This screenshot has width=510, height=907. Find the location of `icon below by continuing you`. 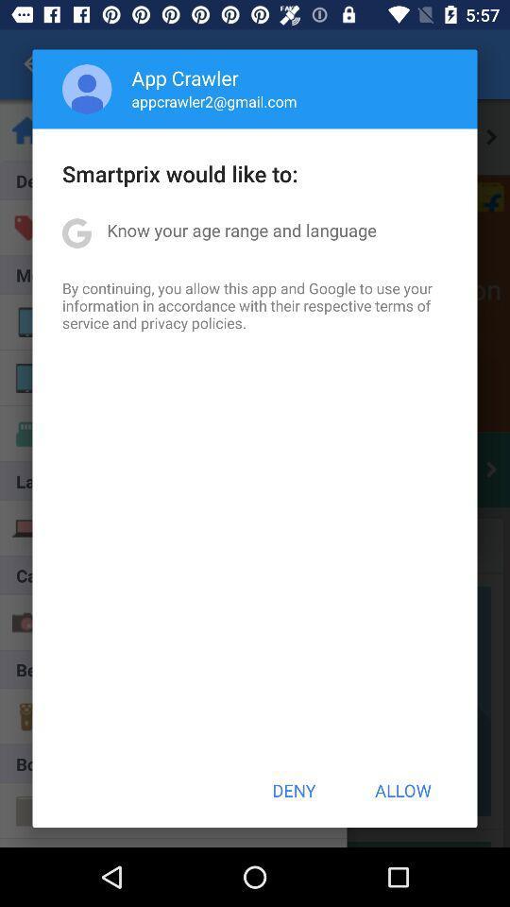

icon below by continuing you is located at coordinates (294, 790).